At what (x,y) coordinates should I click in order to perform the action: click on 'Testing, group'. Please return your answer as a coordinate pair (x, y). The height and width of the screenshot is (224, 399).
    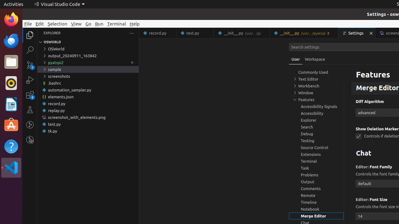
    Looking at the image, I should click on (316, 141).